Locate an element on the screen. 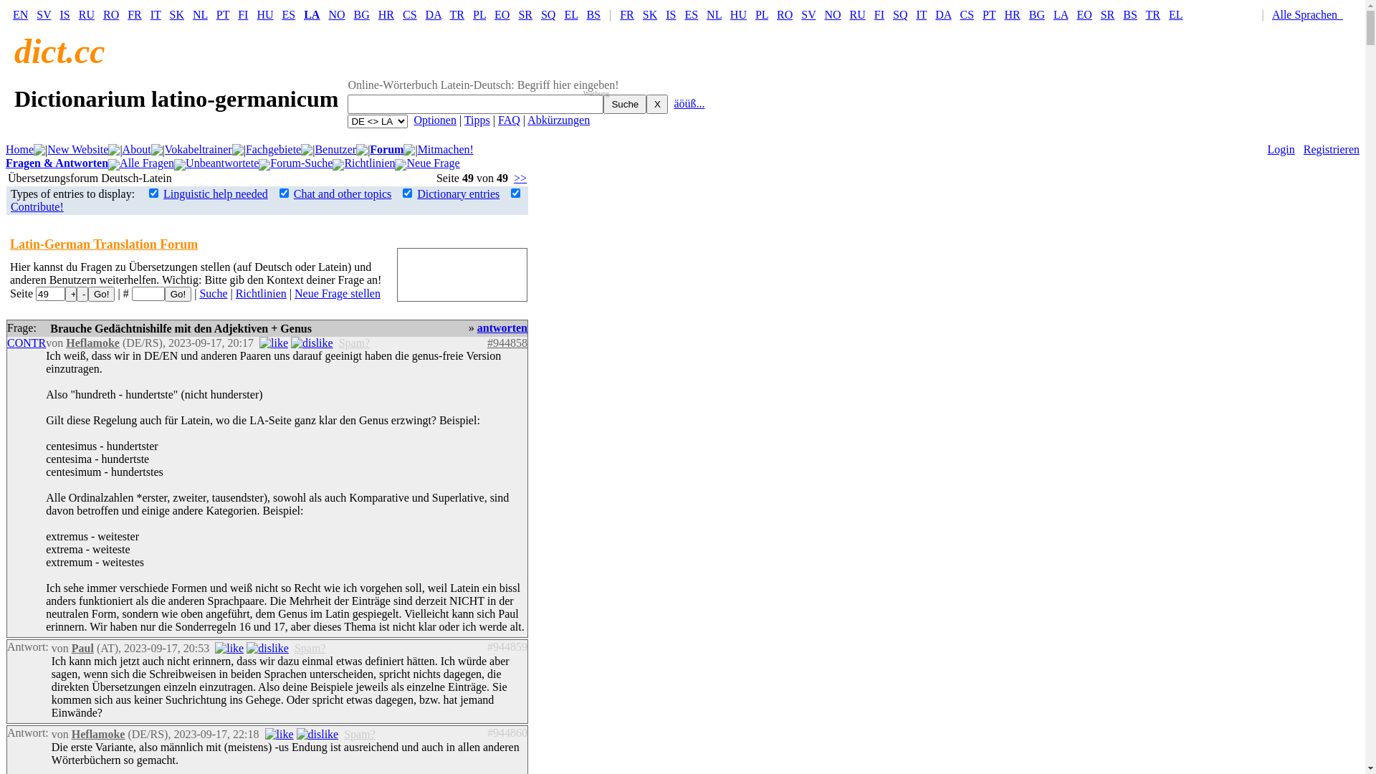 The height and width of the screenshot is (774, 1376). 'LA' is located at coordinates (311, 14).